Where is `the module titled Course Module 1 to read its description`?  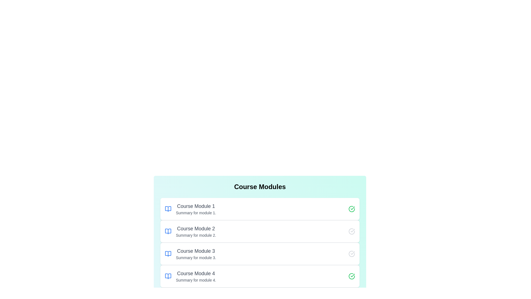
the module titled Course Module 1 to read its description is located at coordinates (260, 209).